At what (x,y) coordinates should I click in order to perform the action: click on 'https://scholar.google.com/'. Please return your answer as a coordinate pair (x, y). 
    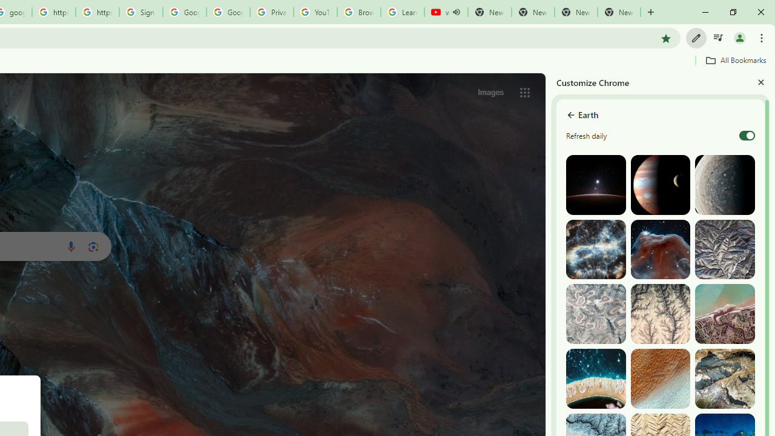
    Looking at the image, I should click on (97, 12).